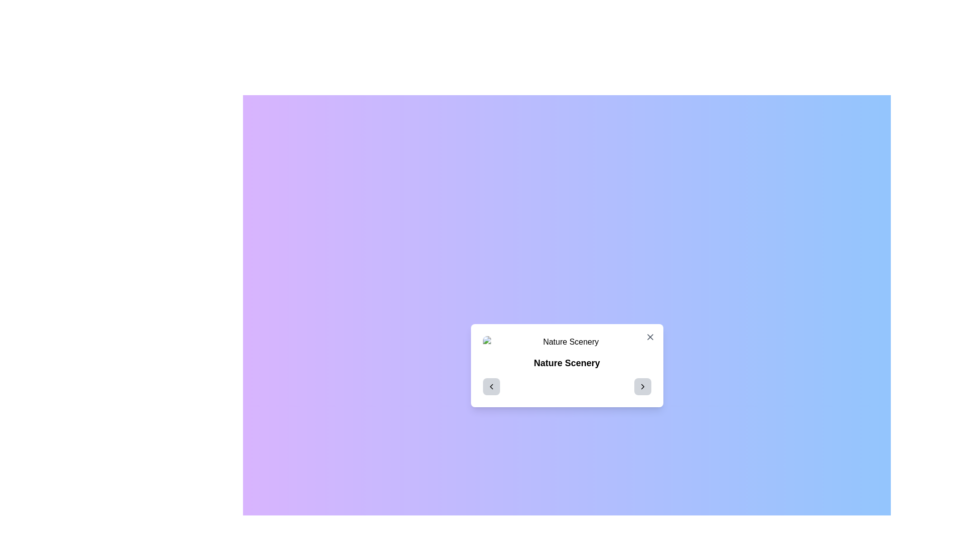  What do you see at coordinates (642, 386) in the screenshot?
I see `the small rightward-pointing chevron icon nested within the light gray rounded rectangular button located at the bottom right of the card` at bounding box center [642, 386].